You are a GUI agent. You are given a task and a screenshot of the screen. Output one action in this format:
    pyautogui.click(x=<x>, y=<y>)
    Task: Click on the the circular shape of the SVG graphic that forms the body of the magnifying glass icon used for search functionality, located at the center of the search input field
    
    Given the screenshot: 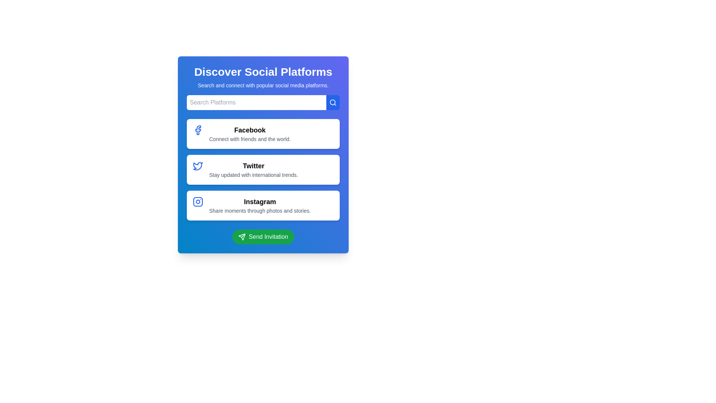 What is the action you would take?
    pyautogui.click(x=332, y=102)
    